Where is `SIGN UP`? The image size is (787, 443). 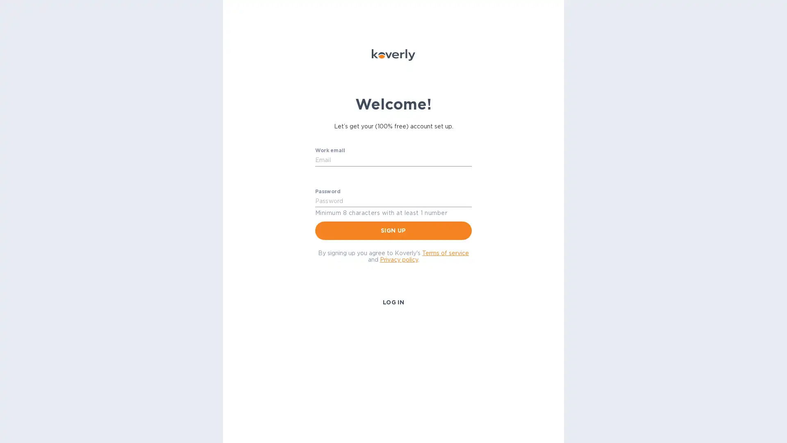
SIGN UP is located at coordinates (393, 230).